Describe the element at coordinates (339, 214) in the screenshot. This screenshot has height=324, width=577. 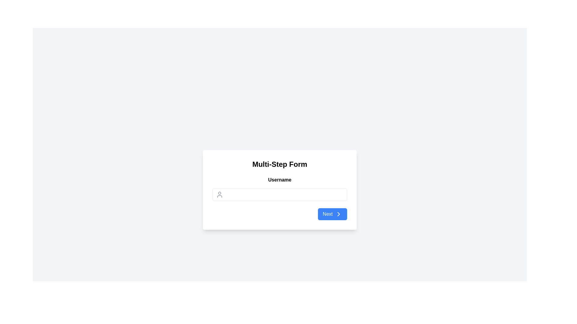
I see `the Chevron Right icon located on the blue 'Next' button at the bottom right of the form interface, which indicates navigation to the next step` at that location.